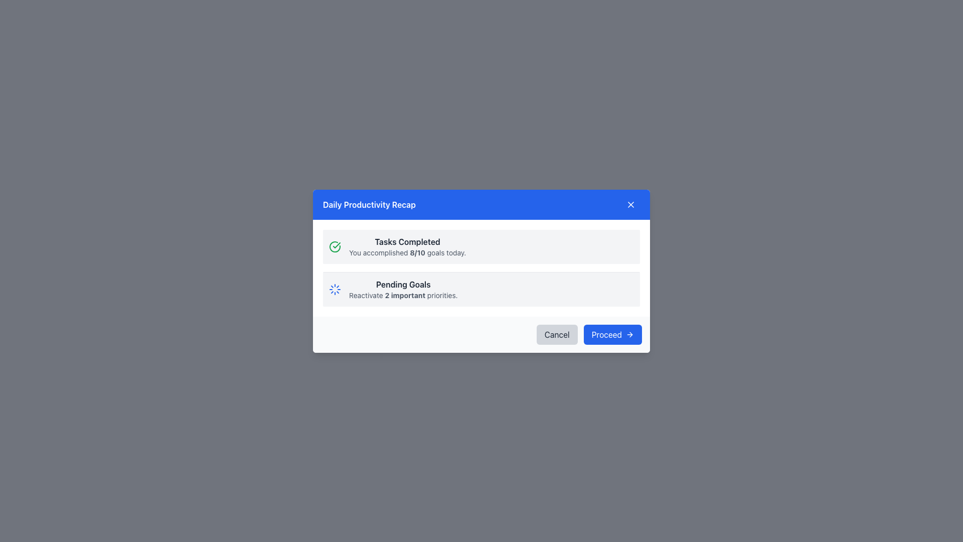 This screenshot has height=542, width=963. Describe the element at coordinates (403, 284) in the screenshot. I see `the text label reading 'Pending Goals' which is located within the 'Daily Productivity Recap' dialog box, positioned below 'Tasks Completed'` at that location.